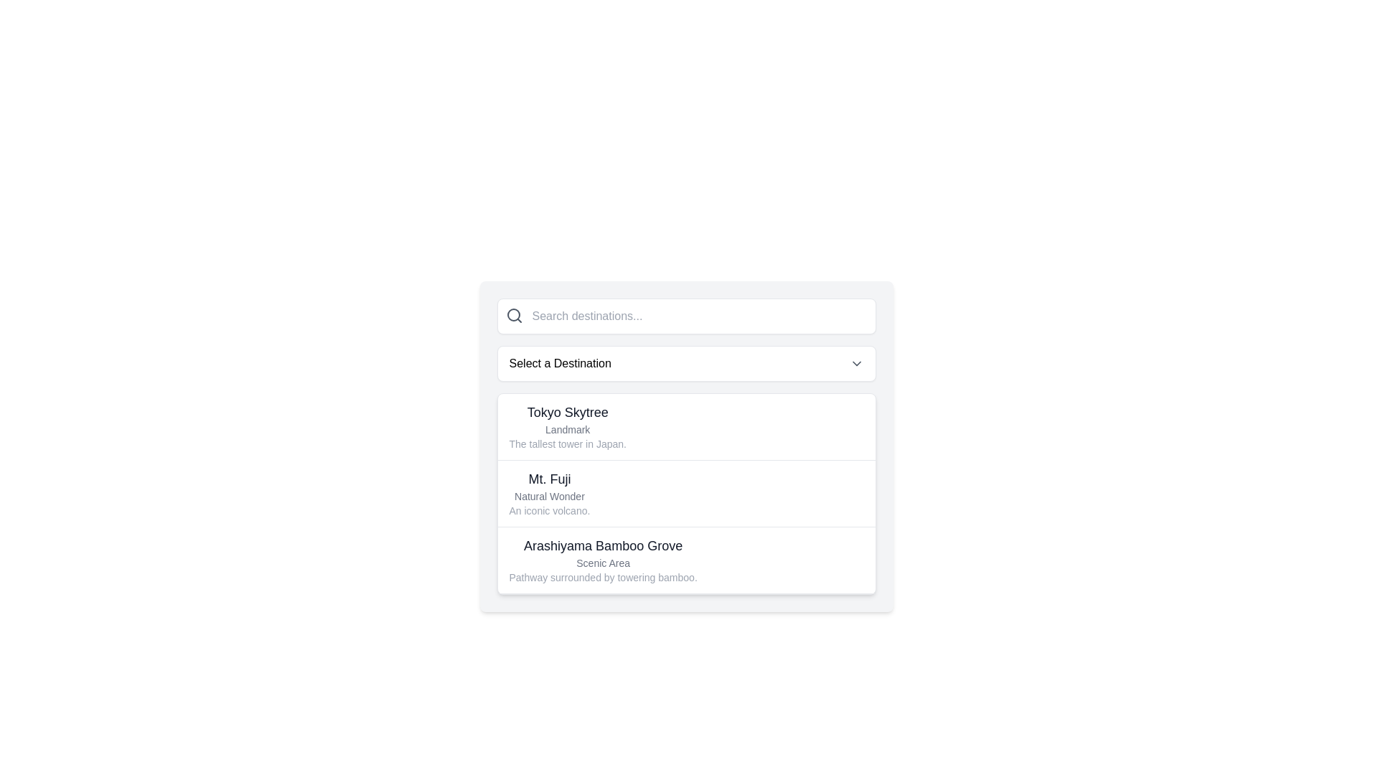 This screenshot has height=775, width=1378. What do you see at coordinates (514, 314) in the screenshot?
I see `the search icon located at the left end of the text input field, which suggests users can search for items by typing queries into the field` at bounding box center [514, 314].